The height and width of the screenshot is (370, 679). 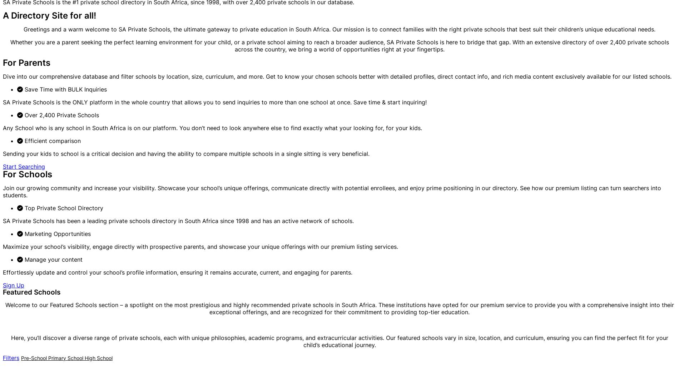 I want to click on 'A Directory Site for all!', so click(x=49, y=15).